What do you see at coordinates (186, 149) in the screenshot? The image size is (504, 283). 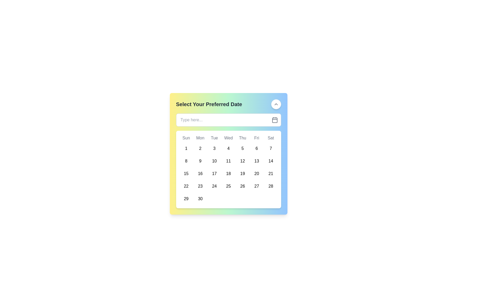 I see `the first day button of the month in the calendar interface, located under the 'Sun' weekday column` at bounding box center [186, 149].